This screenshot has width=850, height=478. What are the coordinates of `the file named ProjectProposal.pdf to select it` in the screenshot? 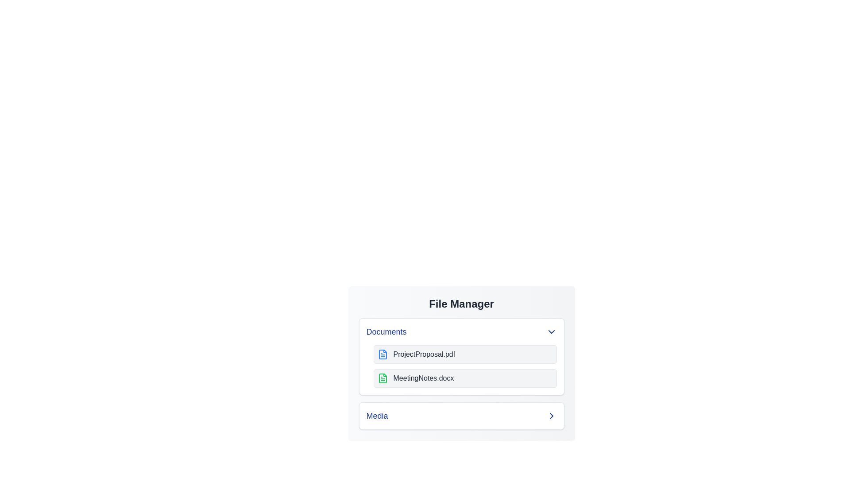 It's located at (464, 354).